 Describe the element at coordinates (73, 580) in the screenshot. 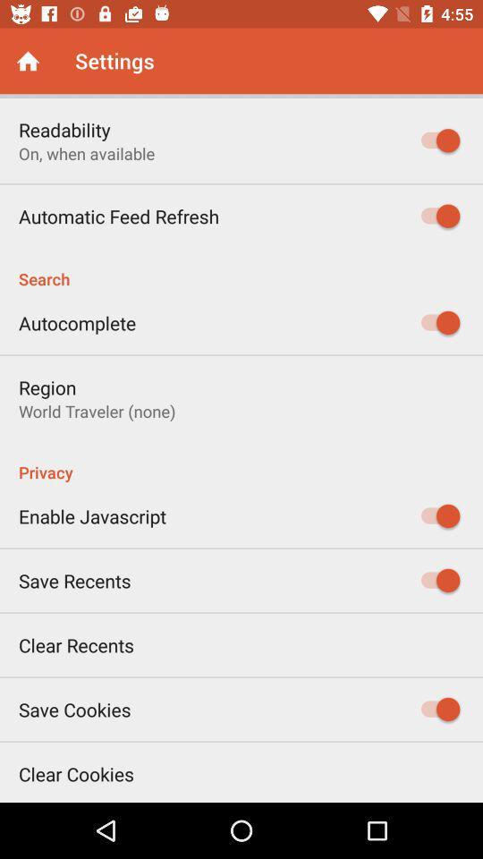

I see `the item below enable javascript item` at that location.